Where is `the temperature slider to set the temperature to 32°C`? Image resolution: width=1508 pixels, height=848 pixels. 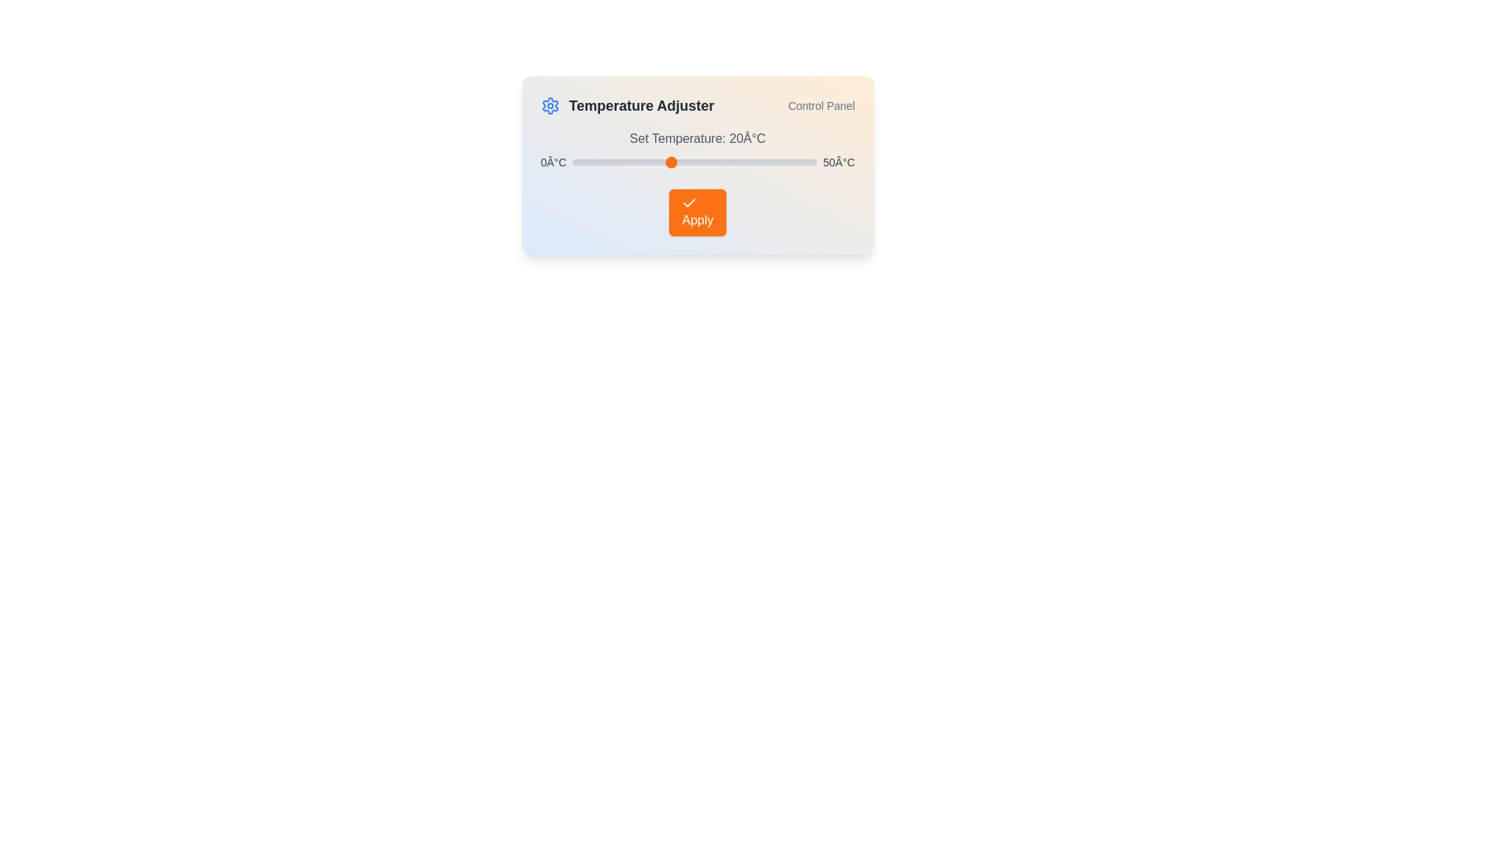
the temperature slider to set the temperature to 32°C is located at coordinates (728, 163).